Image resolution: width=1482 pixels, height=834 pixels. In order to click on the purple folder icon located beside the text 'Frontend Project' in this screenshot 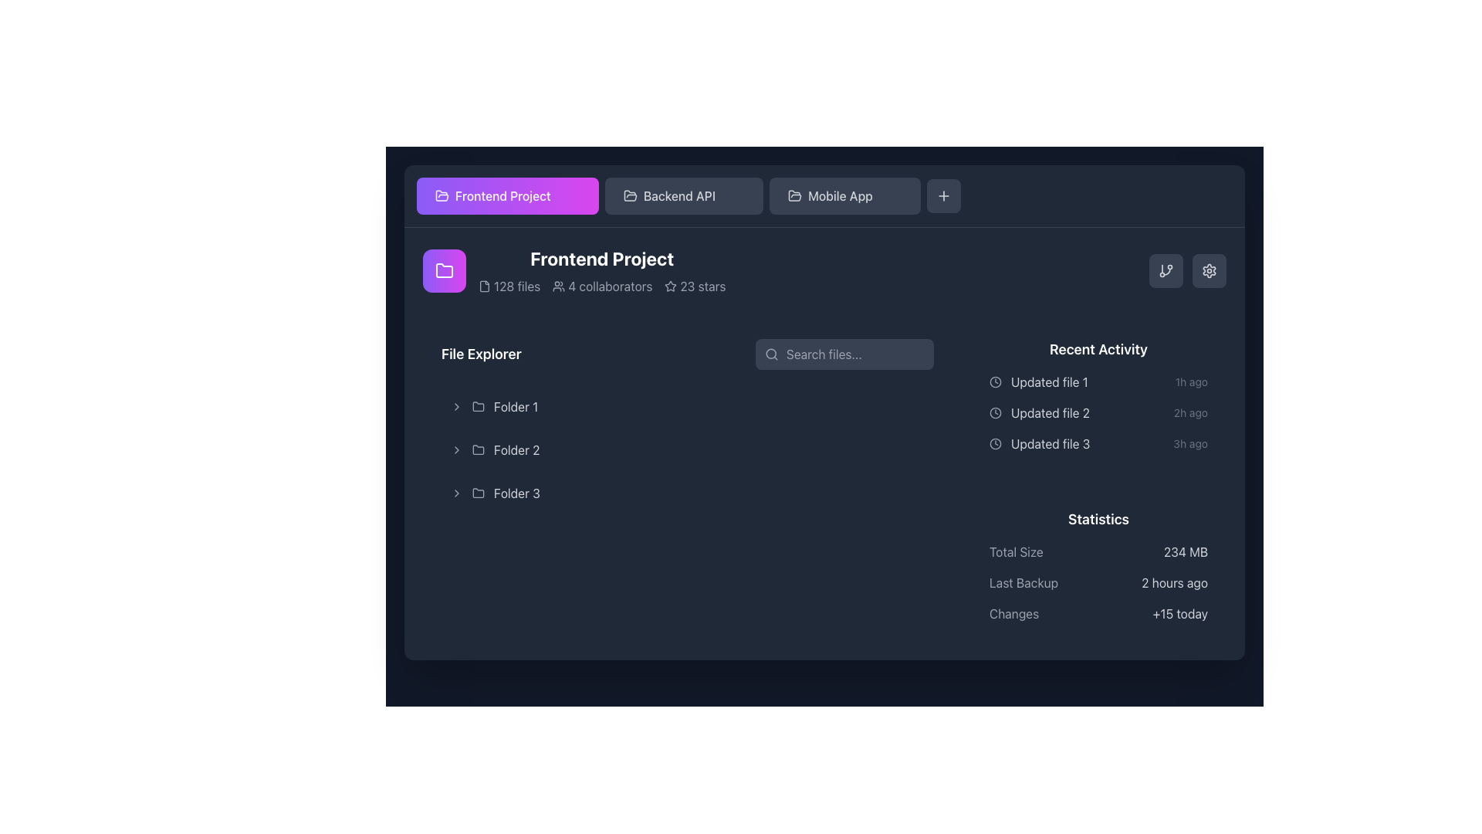, I will do `click(444, 270)`.